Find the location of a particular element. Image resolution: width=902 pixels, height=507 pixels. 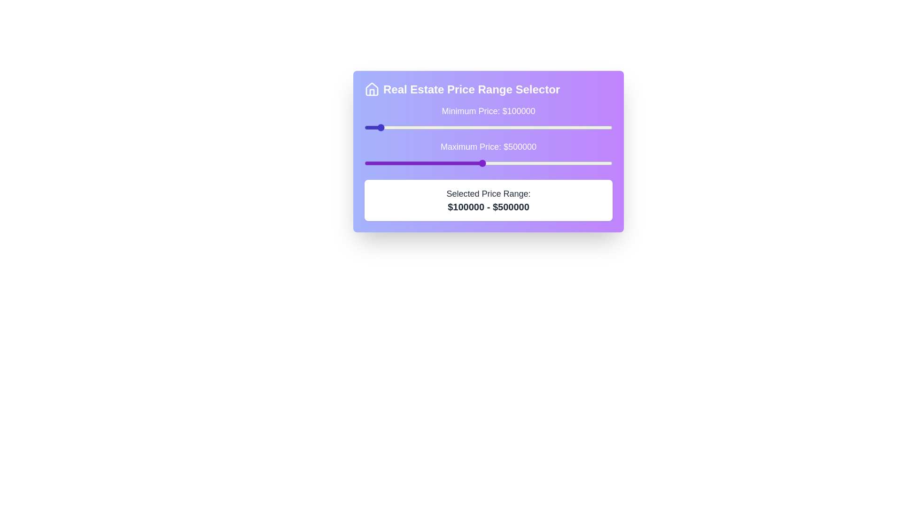

the maximum price slider to 960158 is located at coordinates (602, 162).